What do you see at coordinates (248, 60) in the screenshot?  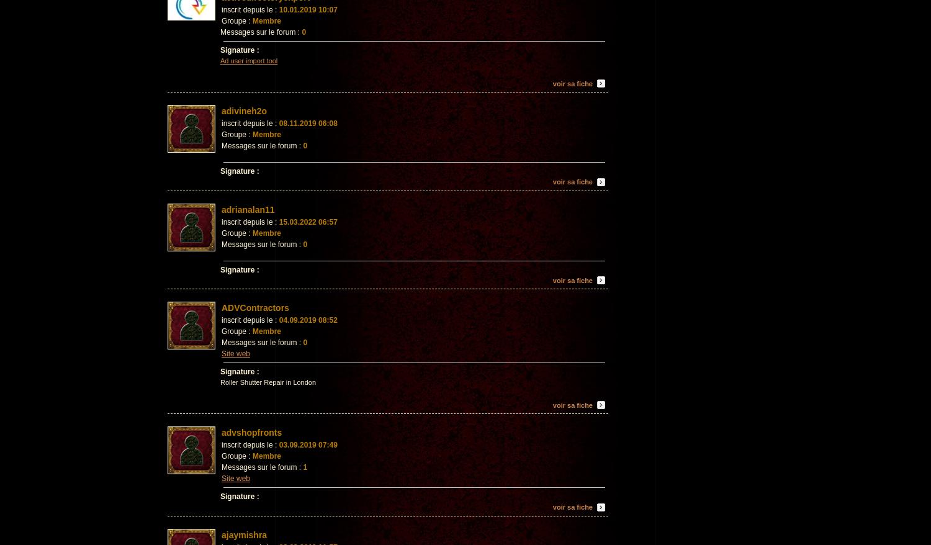 I see `'Ad user import tool'` at bounding box center [248, 60].